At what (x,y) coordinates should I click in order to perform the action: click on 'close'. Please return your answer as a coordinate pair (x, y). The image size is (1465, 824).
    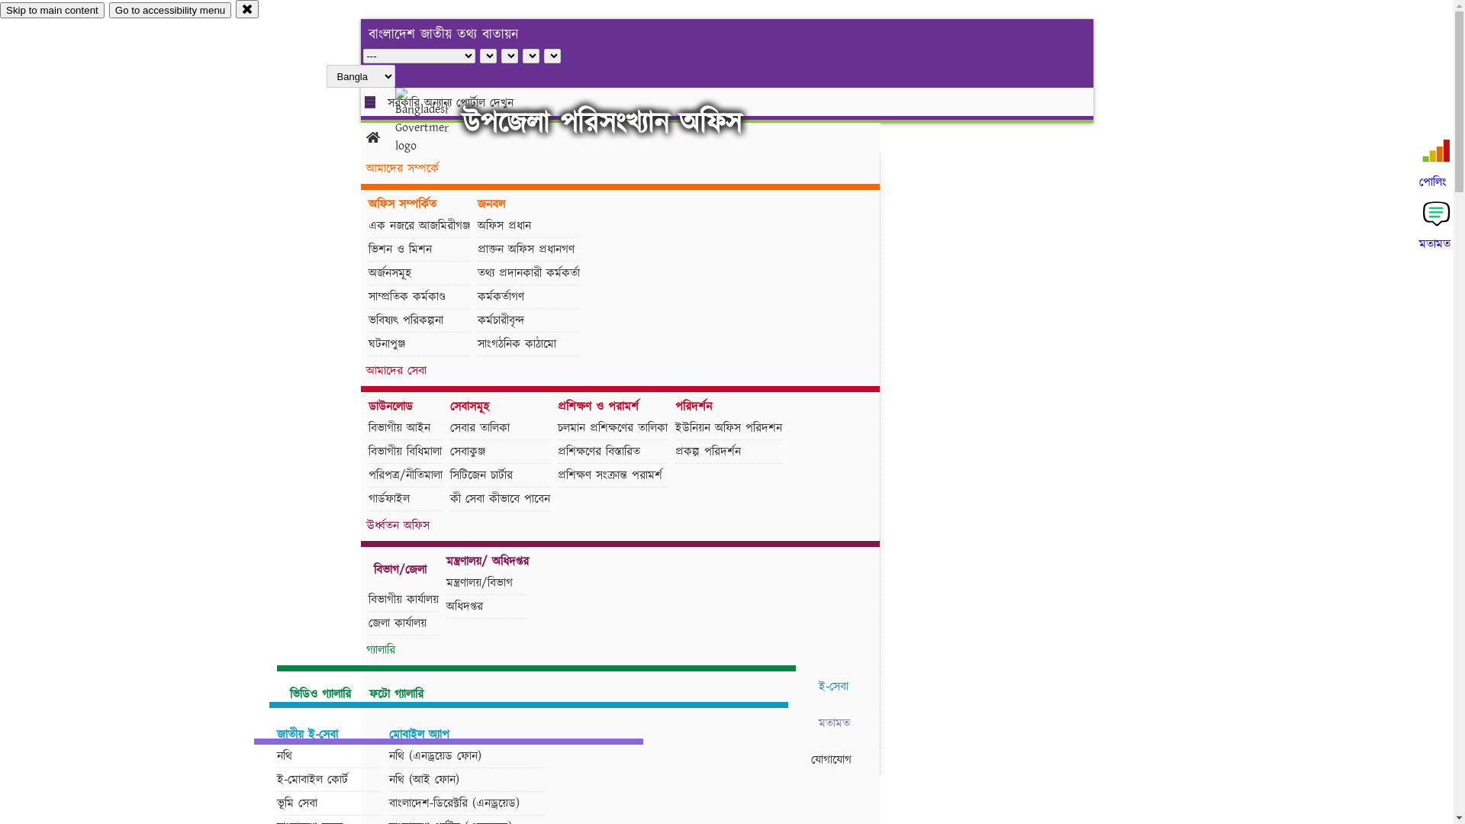
    Looking at the image, I should click on (247, 8).